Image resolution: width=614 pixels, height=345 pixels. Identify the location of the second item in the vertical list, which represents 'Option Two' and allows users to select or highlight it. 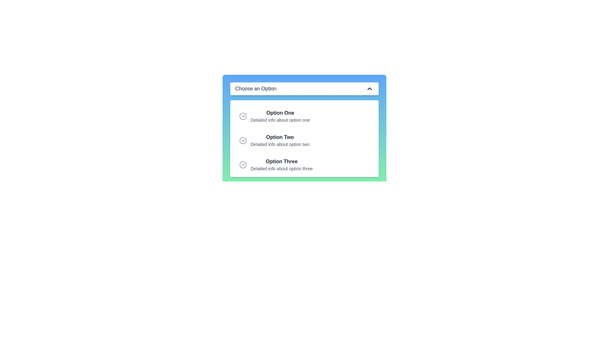
(304, 140).